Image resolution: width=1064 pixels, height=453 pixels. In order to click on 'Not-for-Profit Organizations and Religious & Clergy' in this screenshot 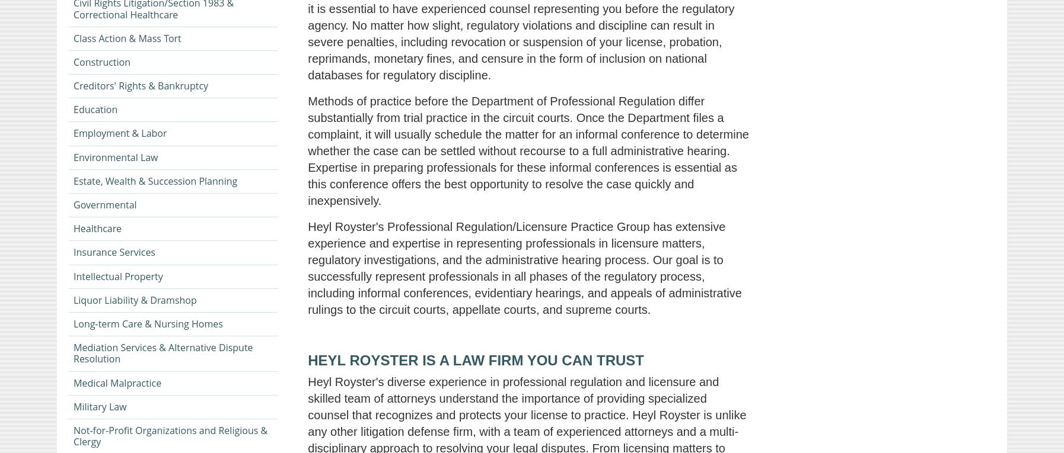, I will do `click(170, 436)`.